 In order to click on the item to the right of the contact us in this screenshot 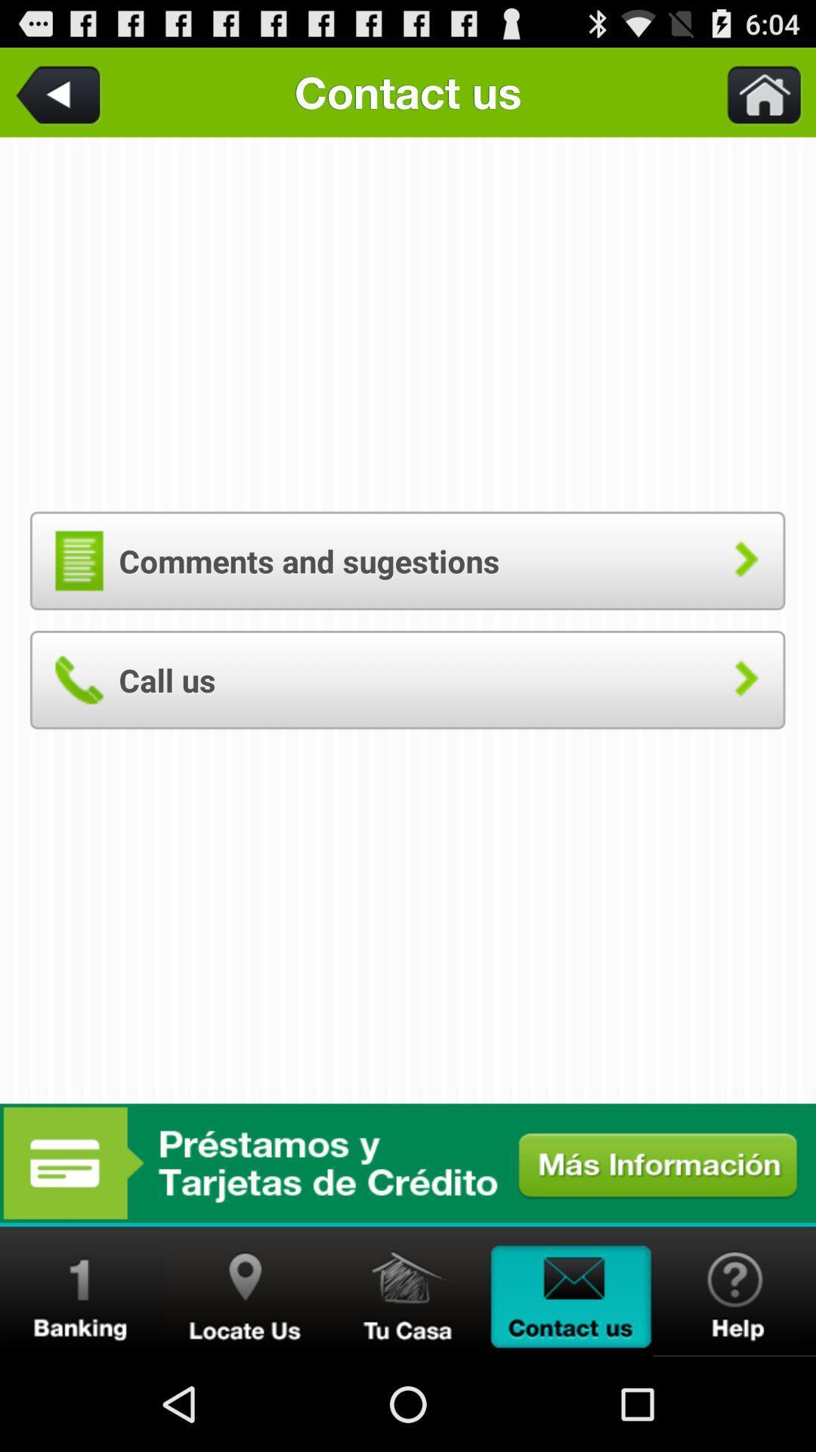, I will do `click(755, 92)`.